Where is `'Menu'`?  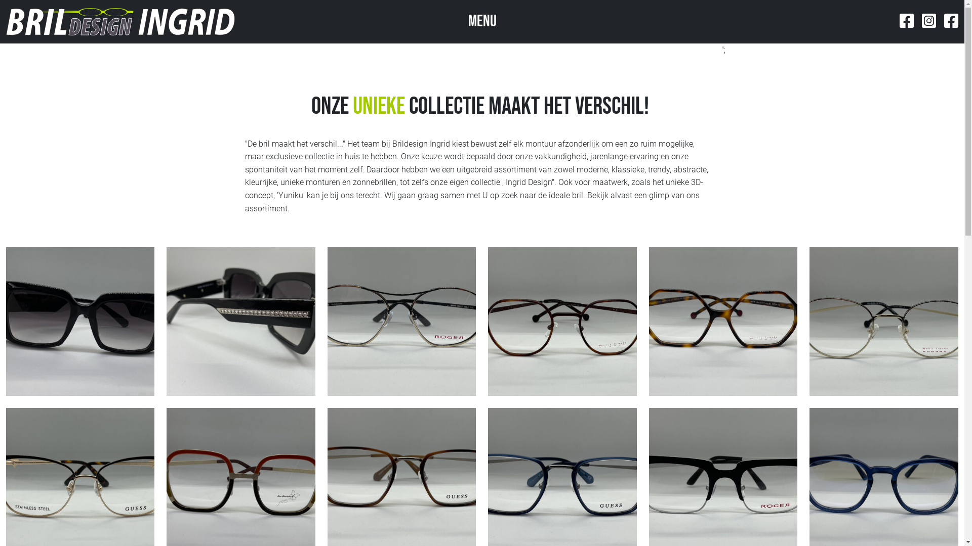 'Menu' is located at coordinates (481, 21).